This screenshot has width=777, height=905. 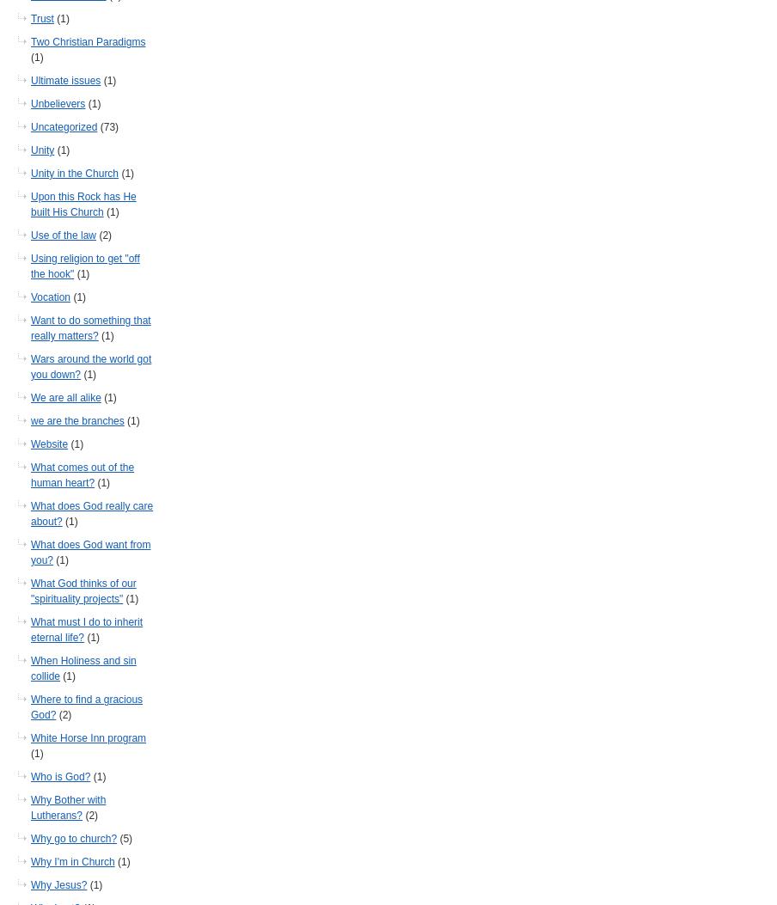 I want to click on 'What must I do to inherit eternal life?', so click(x=29, y=628).